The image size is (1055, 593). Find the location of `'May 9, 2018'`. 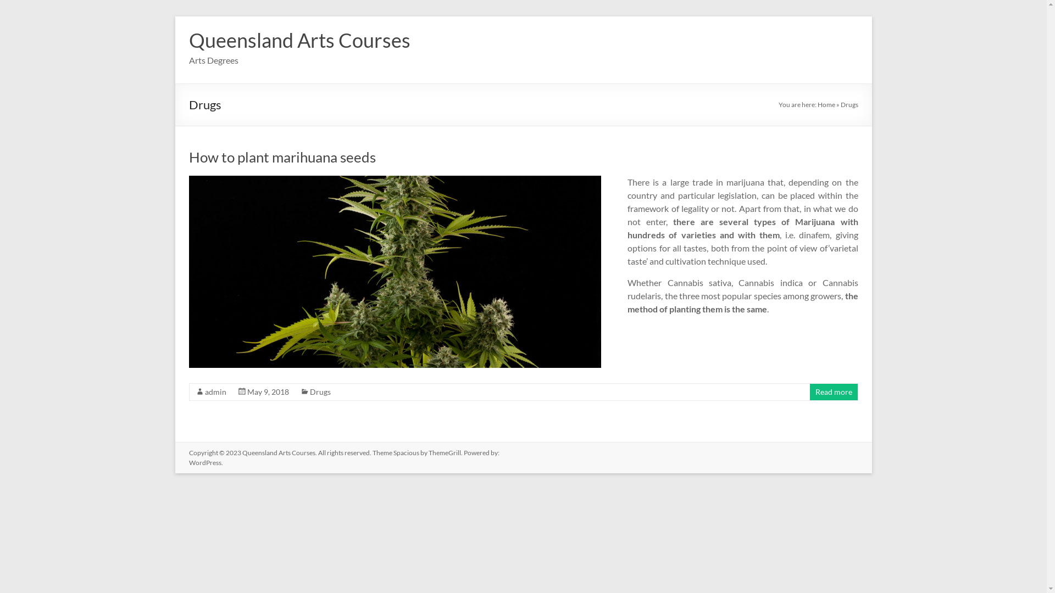

'May 9, 2018' is located at coordinates (268, 391).